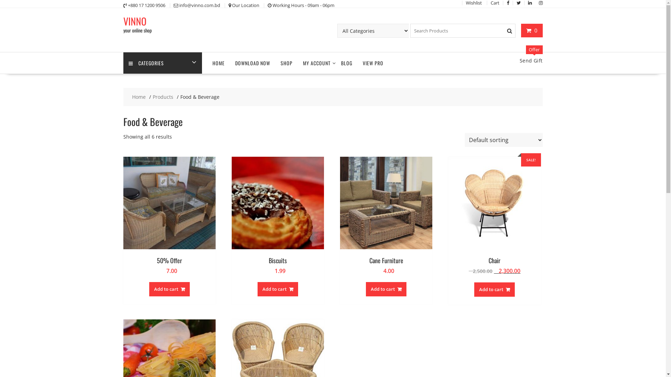 This screenshot has width=671, height=377. I want to click on 'VIEW PRO', so click(372, 63).